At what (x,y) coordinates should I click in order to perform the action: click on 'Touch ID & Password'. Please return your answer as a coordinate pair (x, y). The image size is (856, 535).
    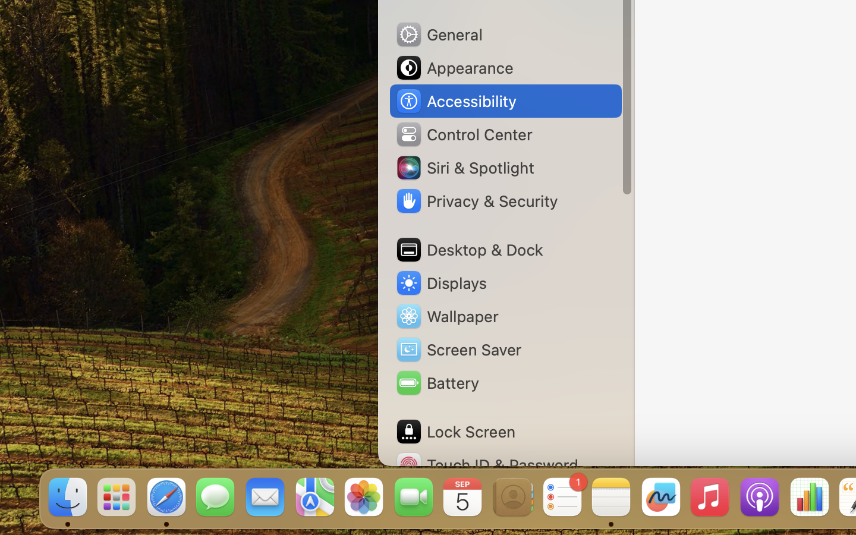
    Looking at the image, I should click on (487, 464).